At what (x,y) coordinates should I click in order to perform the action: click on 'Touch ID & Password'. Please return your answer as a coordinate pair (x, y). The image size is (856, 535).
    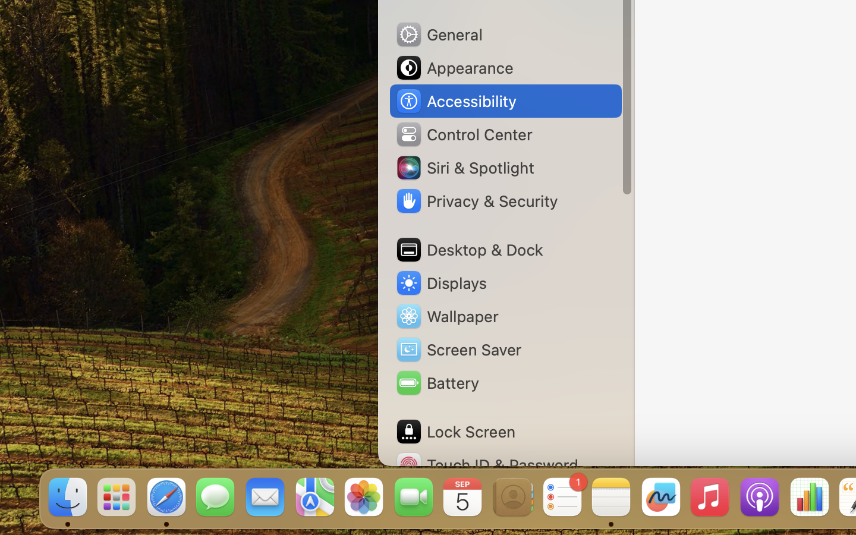
    Looking at the image, I should click on (487, 464).